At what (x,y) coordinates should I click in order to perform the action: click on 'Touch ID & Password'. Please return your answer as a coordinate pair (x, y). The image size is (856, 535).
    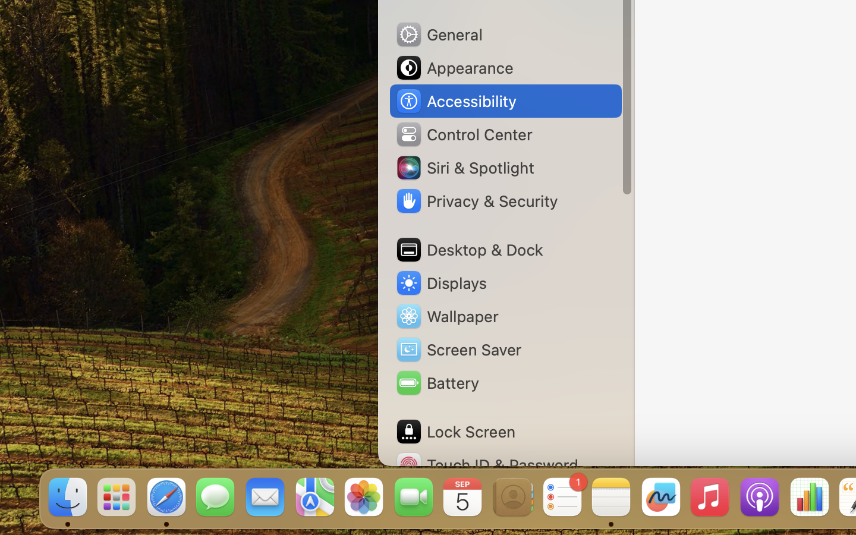
    Looking at the image, I should click on (487, 464).